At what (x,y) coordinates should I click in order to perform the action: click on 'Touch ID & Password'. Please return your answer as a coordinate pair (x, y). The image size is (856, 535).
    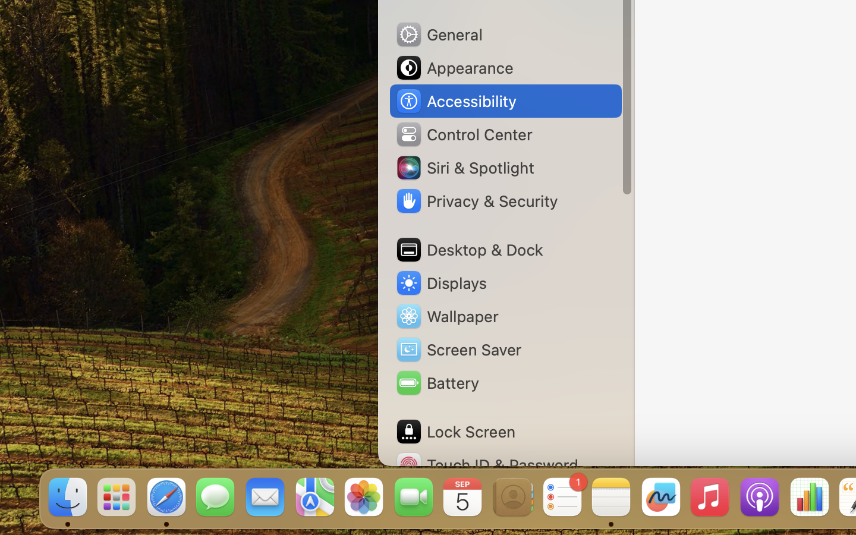
    Looking at the image, I should click on (487, 464).